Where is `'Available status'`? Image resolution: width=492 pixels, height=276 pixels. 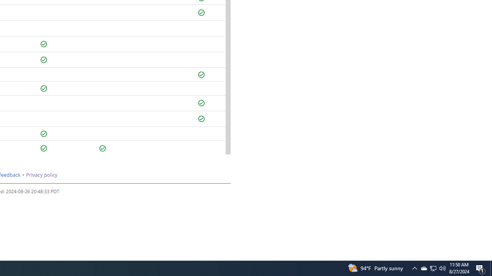 'Available status' is located at coordinates (102, 148).